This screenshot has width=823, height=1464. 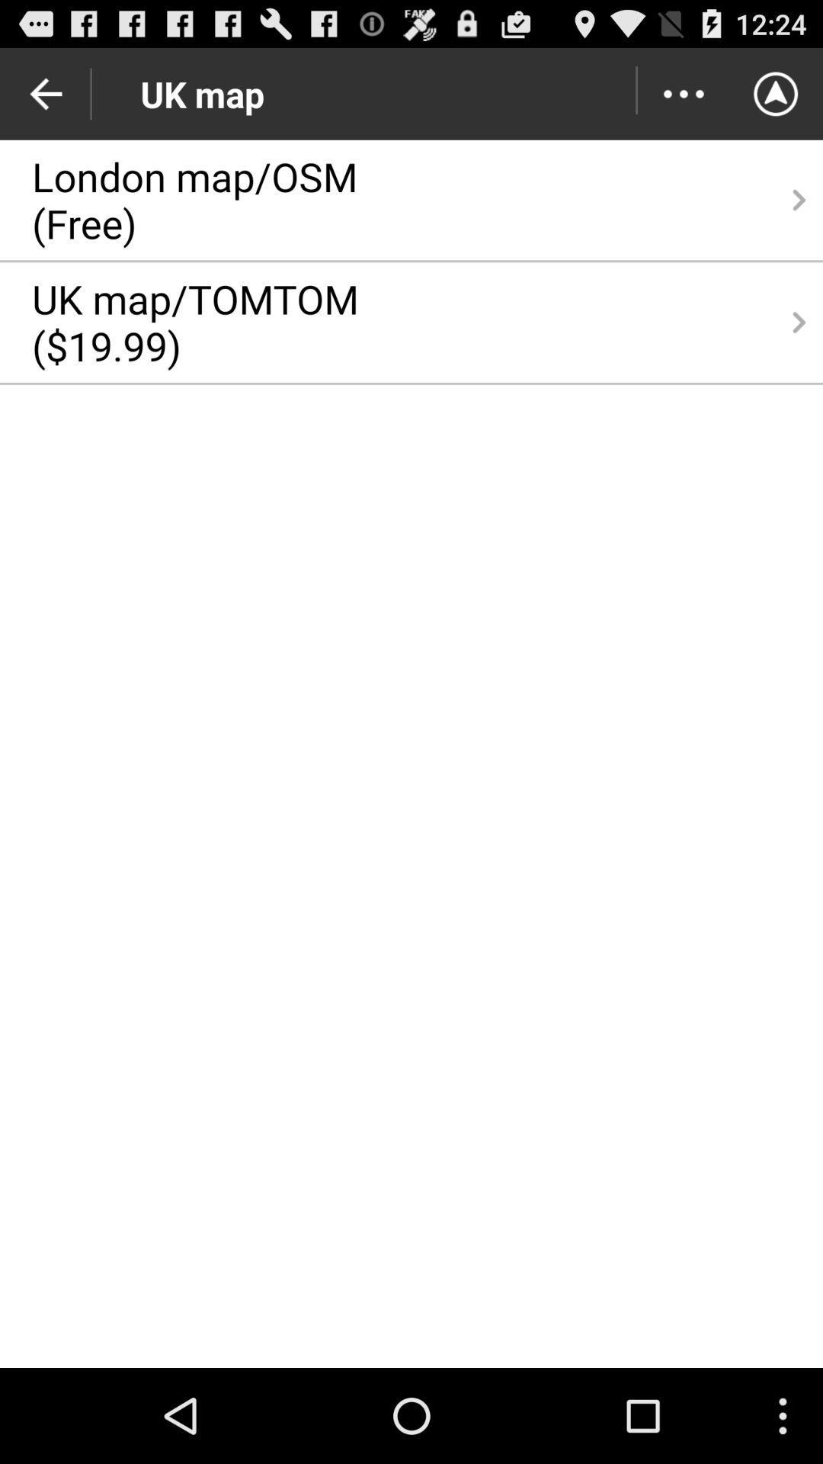 I want to click on the app above london map osm, so click(x=683, y=93).